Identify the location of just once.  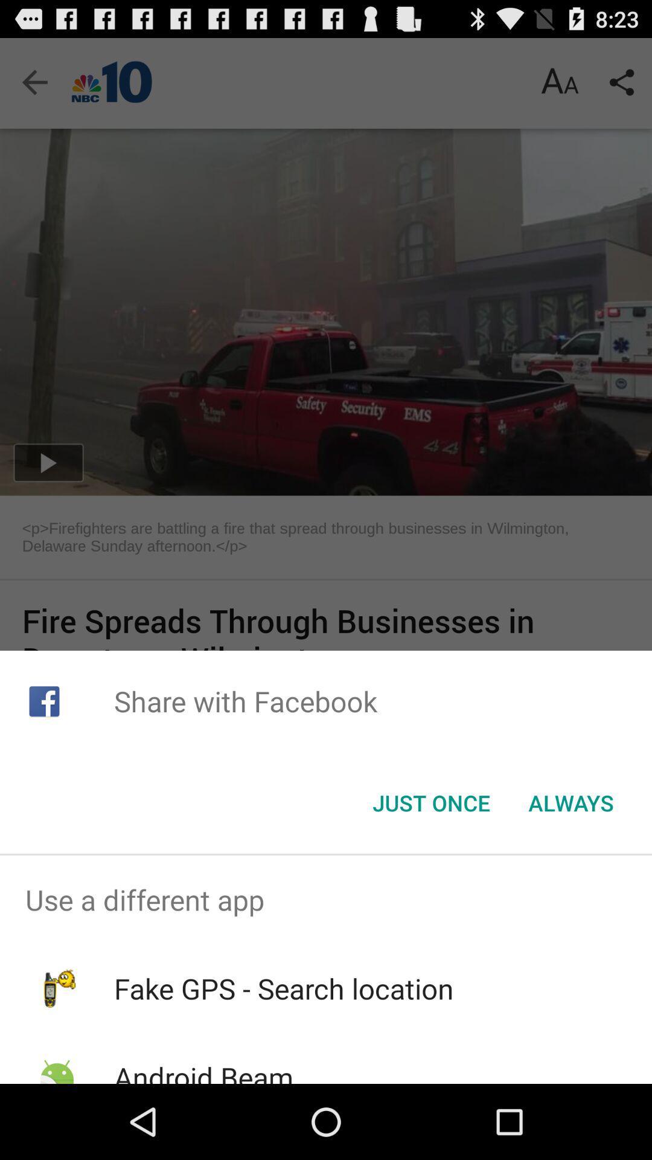
(430, 803).